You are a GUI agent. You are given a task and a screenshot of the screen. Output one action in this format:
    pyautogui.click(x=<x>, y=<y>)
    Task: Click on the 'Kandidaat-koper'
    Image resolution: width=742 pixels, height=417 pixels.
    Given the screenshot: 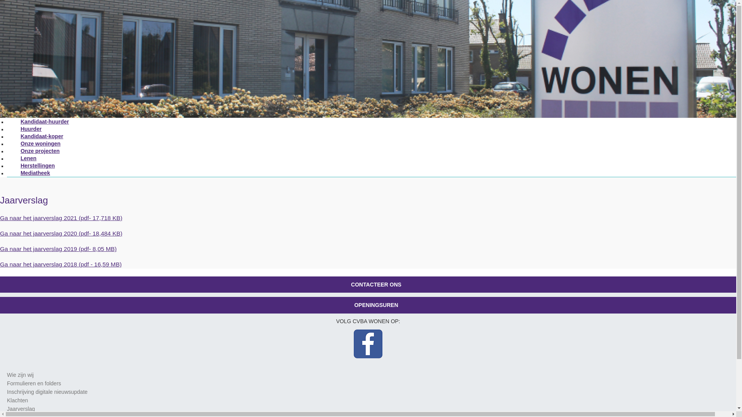 What is the action you would take?
    pyautogui.click(x=41, y=136)
    